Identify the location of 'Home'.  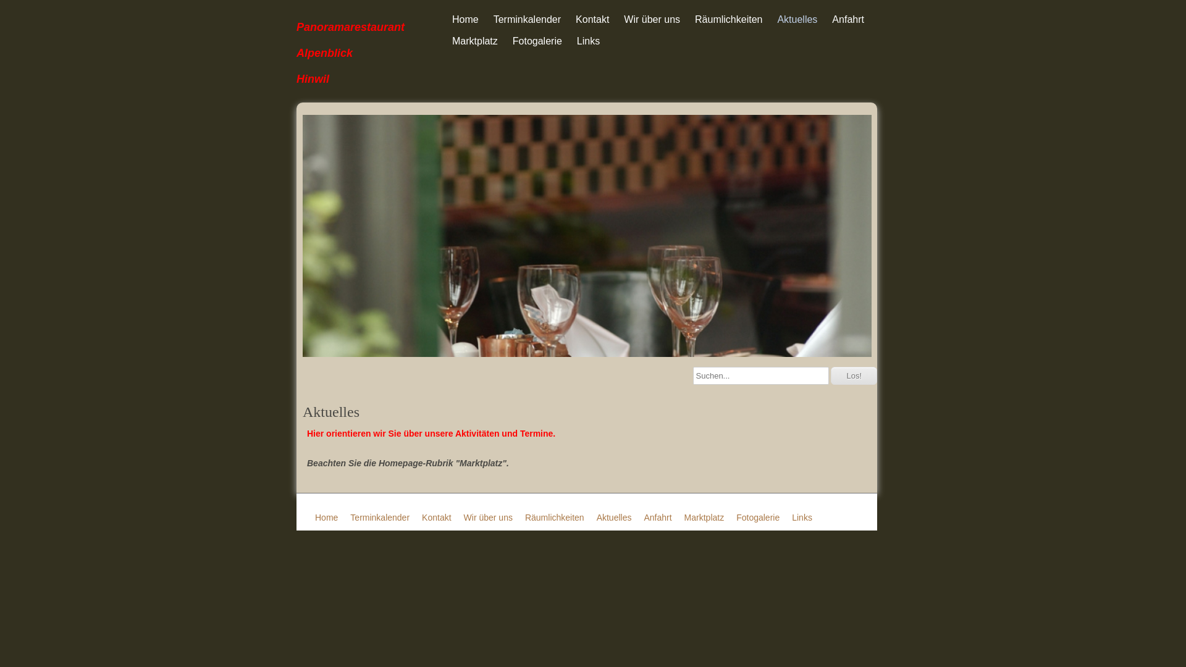
(314, 517).